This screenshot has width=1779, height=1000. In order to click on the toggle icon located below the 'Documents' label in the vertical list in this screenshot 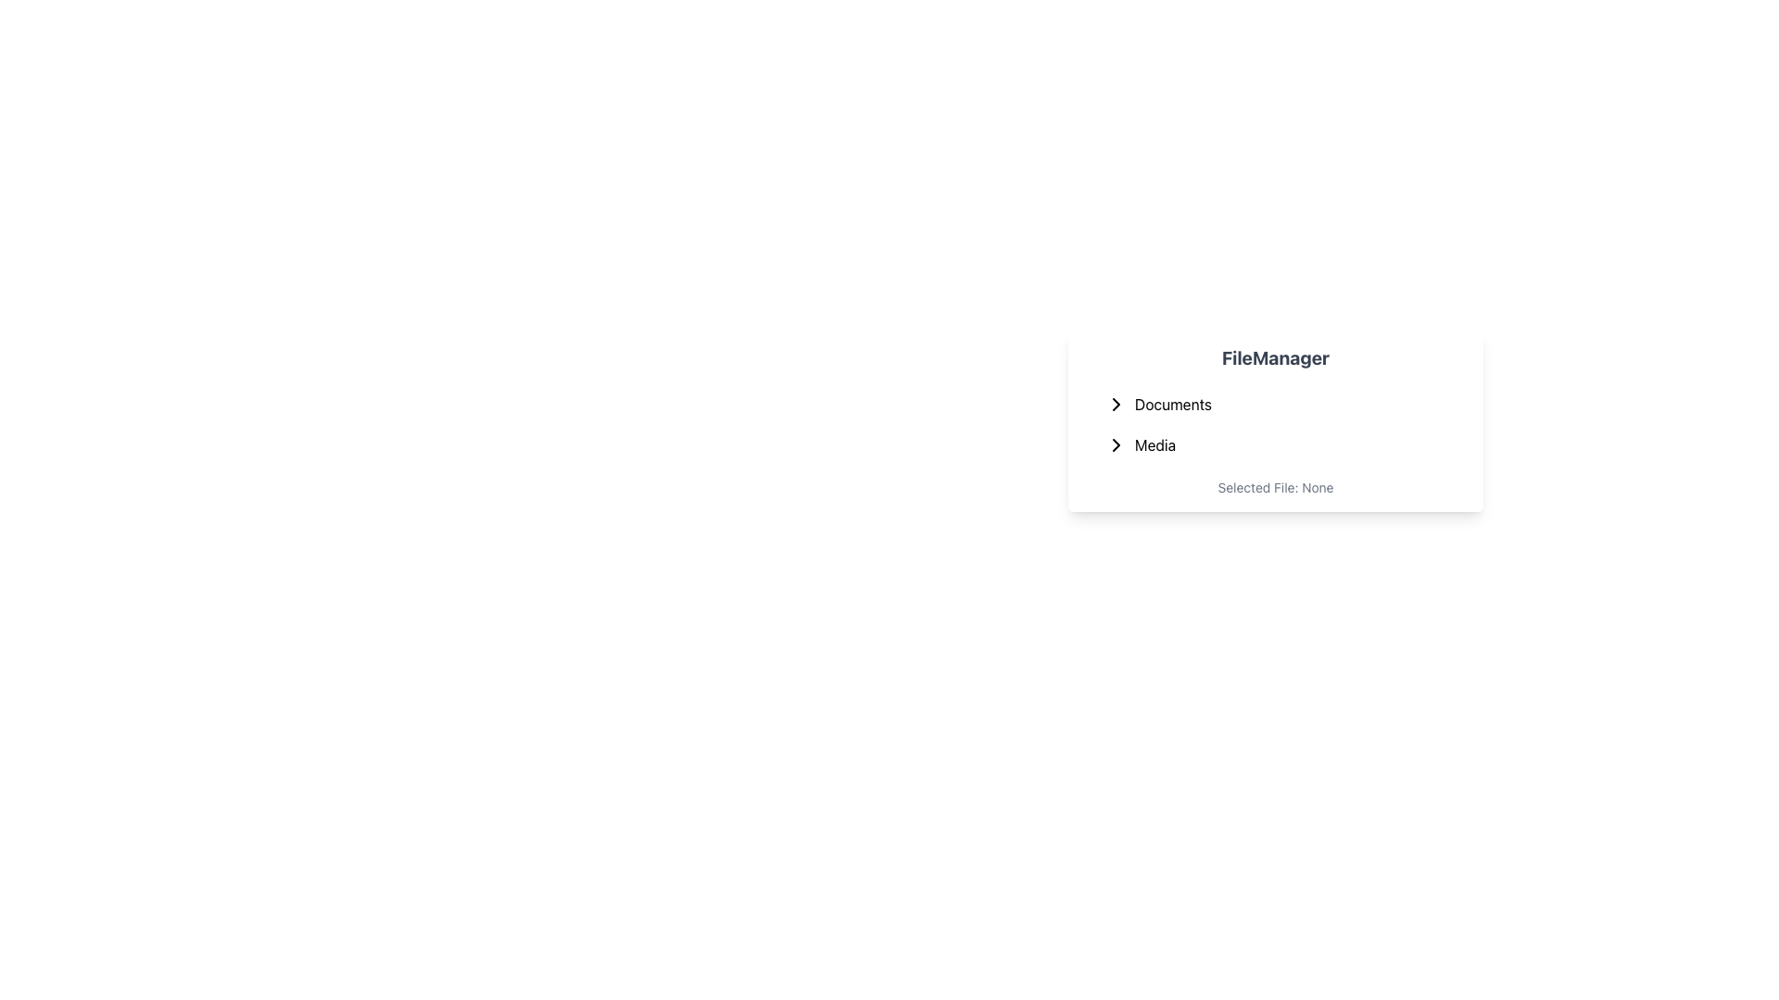, I will do `click(1115, 403)`.